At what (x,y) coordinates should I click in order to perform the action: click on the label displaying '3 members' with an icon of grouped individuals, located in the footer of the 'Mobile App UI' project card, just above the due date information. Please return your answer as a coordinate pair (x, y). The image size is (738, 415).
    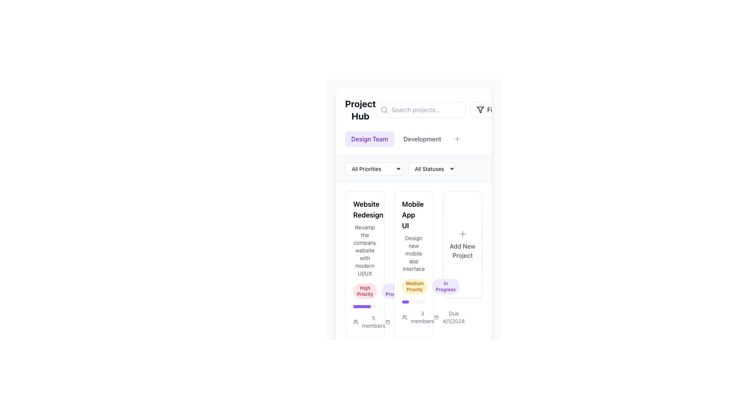
    Looking at the image, I should click on (418, 317).